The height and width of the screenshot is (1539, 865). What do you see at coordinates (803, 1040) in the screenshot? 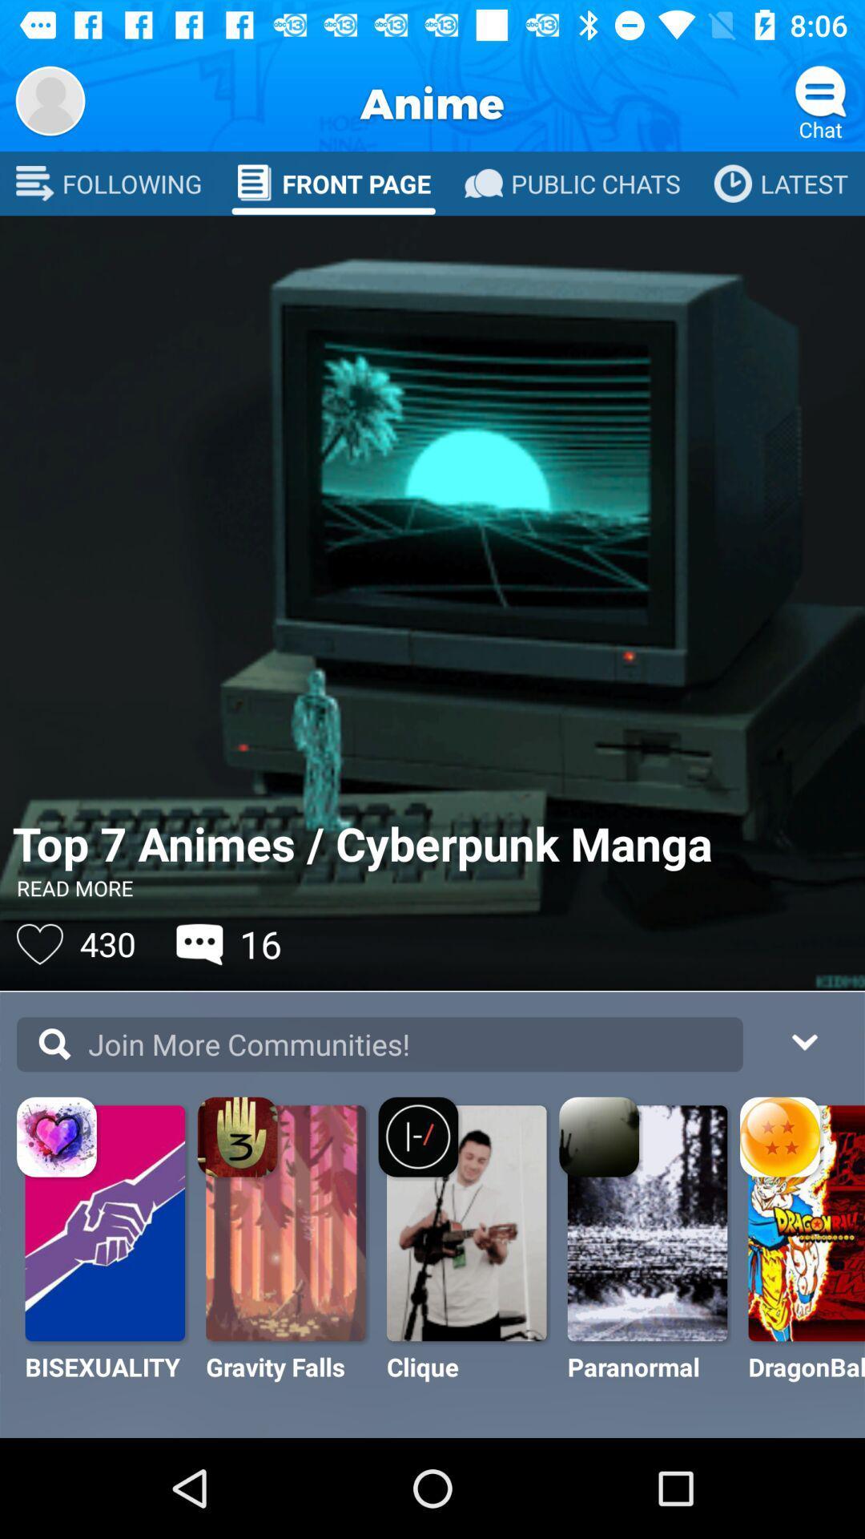
I see `the expand_more icon` at bounding box center [803, 1040].